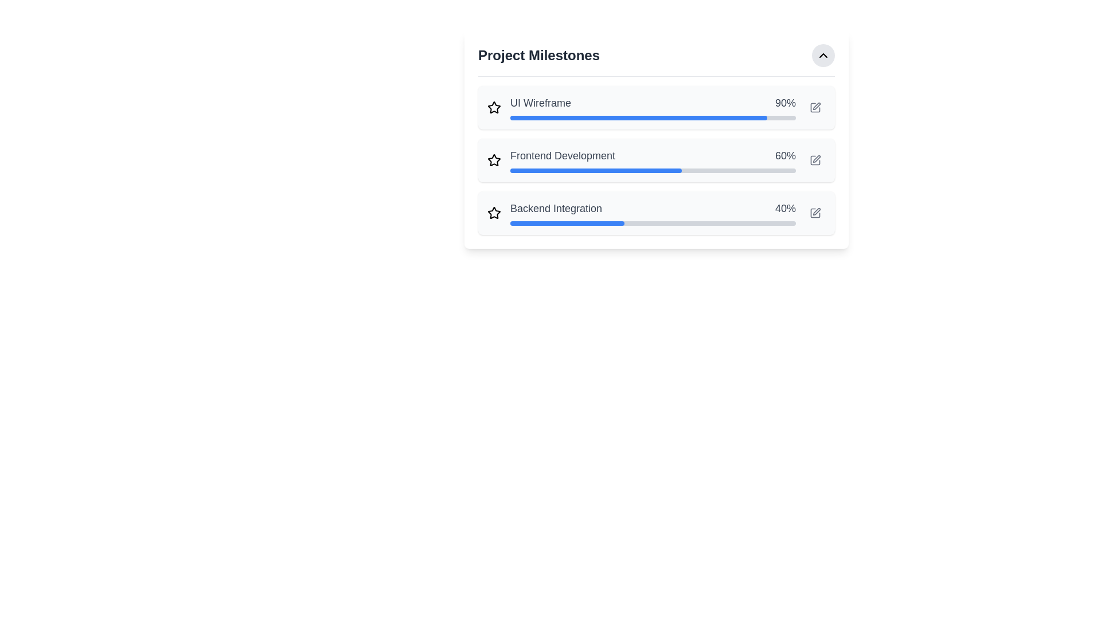 The height and width of the screenshot is (619, 1101). I want to click on the small square button with a pen icon located next to the 'Frontend Development' progress bar to change its color, so click(814, 160).